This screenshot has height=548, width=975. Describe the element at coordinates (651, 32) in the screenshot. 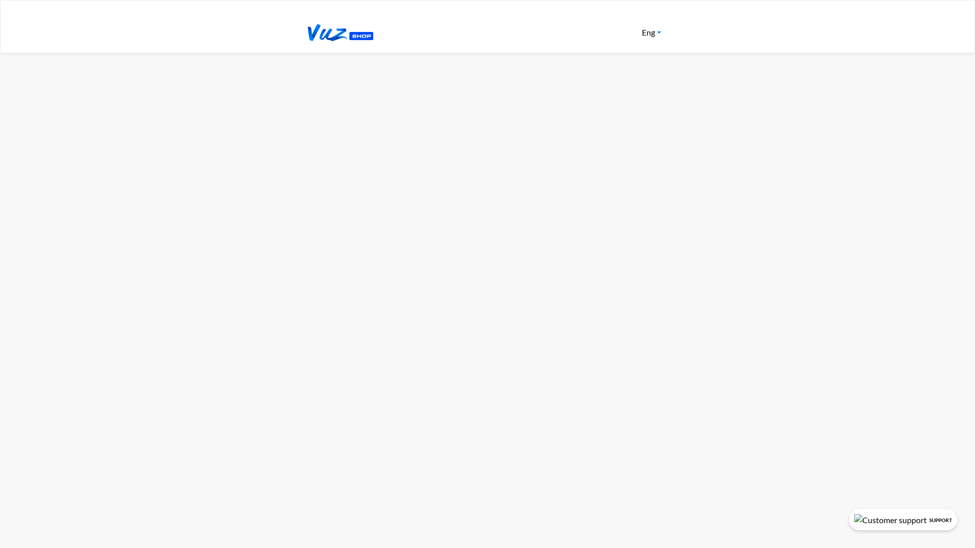

I see `'Eng'` at that location.